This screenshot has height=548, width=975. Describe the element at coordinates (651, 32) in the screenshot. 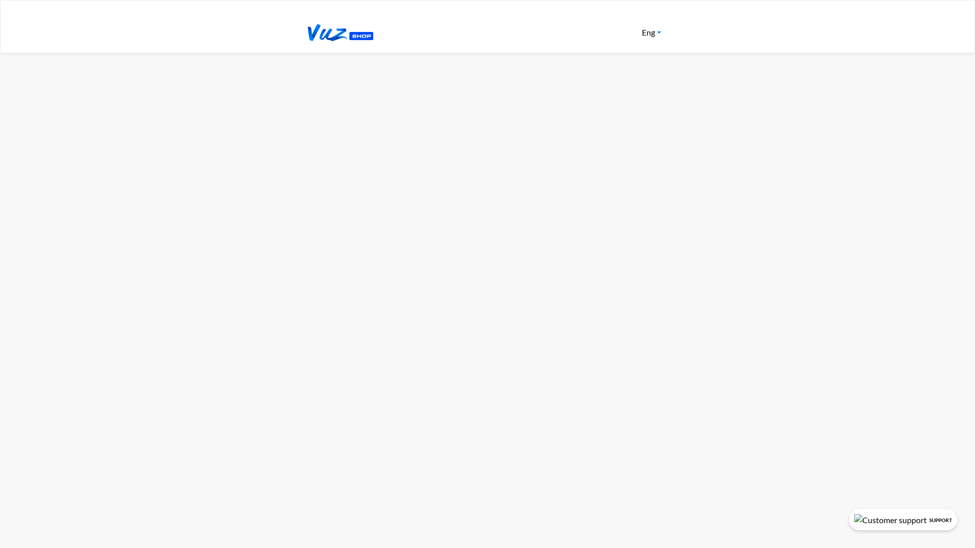

I see `'Eng'` at that location.